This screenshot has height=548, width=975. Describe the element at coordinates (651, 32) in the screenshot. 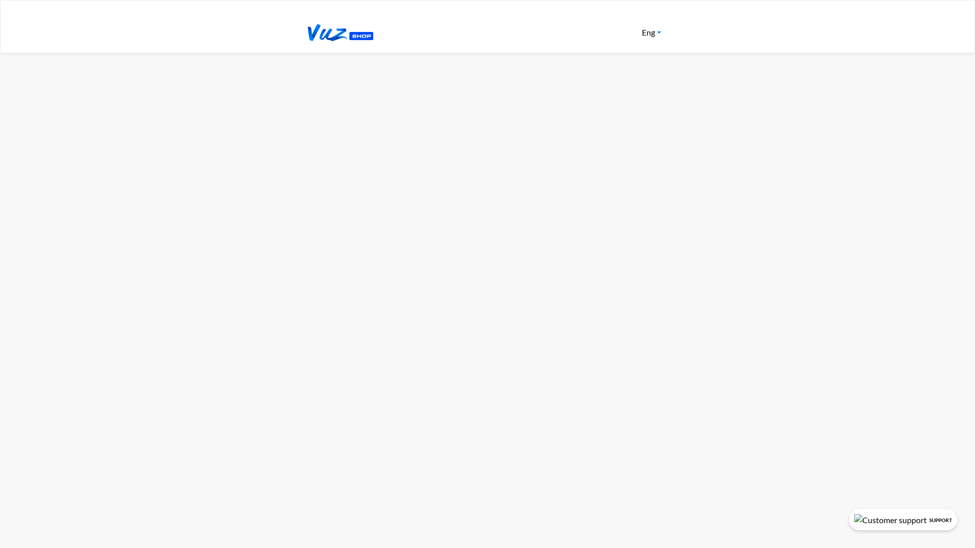

I see `'Eng'` at that location.